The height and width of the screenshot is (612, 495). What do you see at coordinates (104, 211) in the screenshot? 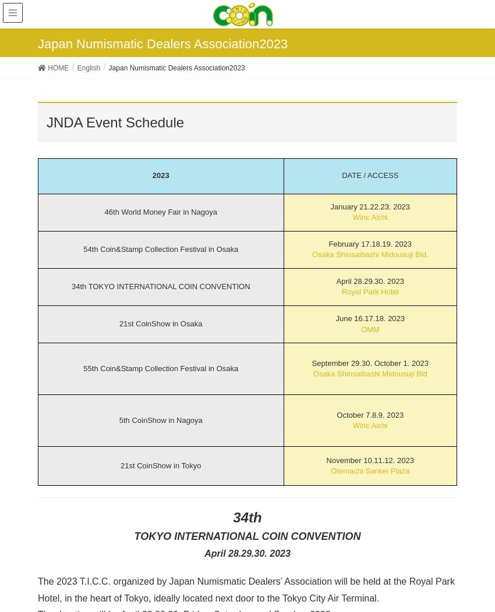
I see `'46th World Money Fair in Nagoya'` at bounding box center [104, 211].